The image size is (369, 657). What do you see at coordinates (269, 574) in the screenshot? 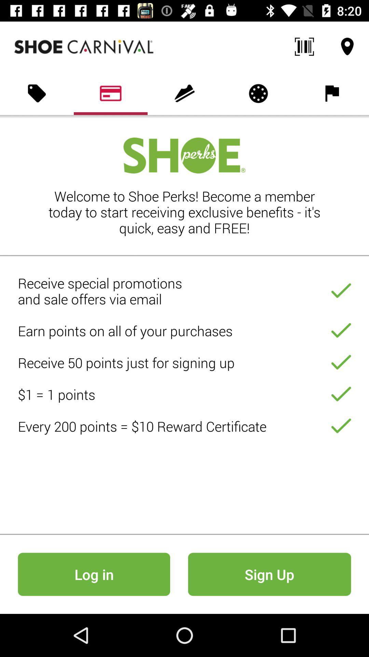
I see `item next to the log in item` at bounding box center [269, 574].